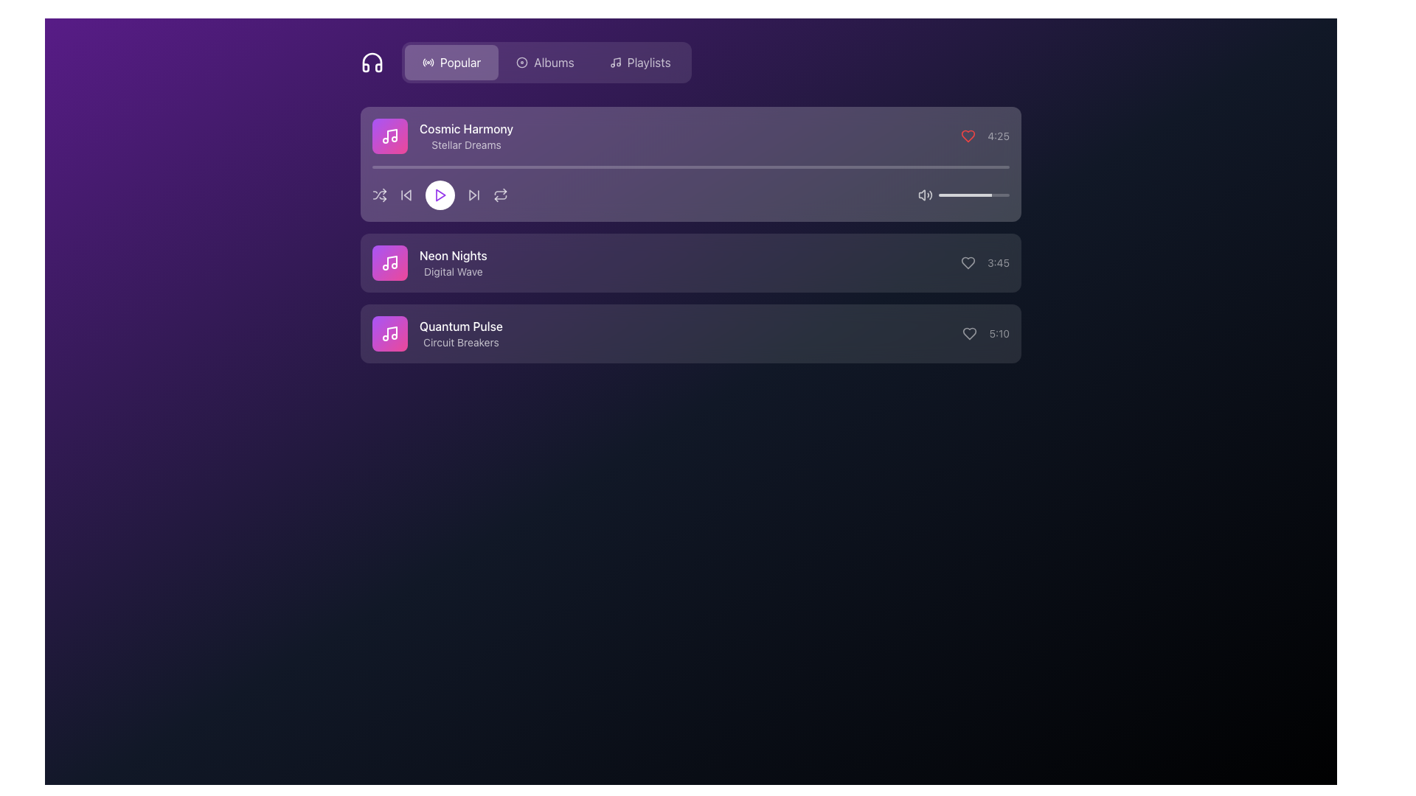  What do you see at coordinates (465, 128) in the screenshot?
I see `the text display showing the title 'Cosmic Harmony', located at the top left of the music list section, above 'Stellar Dreams'` at bounding box center [465, 128].